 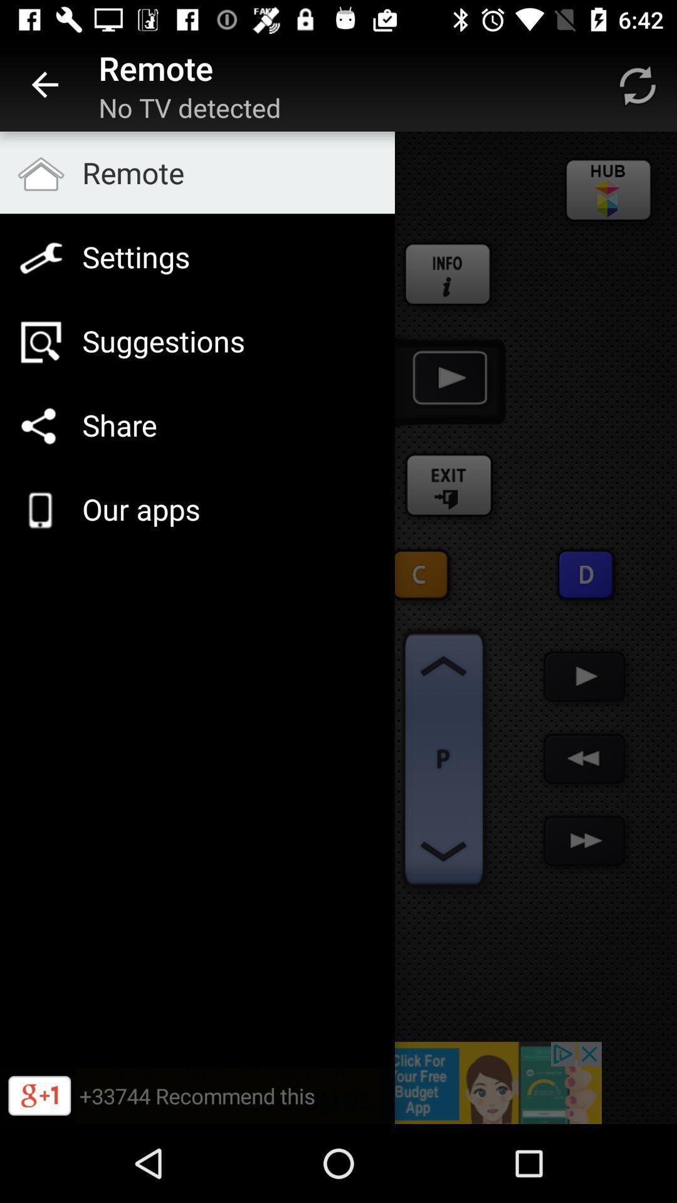 What do you see at coordinates (585, 574) in the screenshot?
I see `the play icon` at bounding box center [585, 574].